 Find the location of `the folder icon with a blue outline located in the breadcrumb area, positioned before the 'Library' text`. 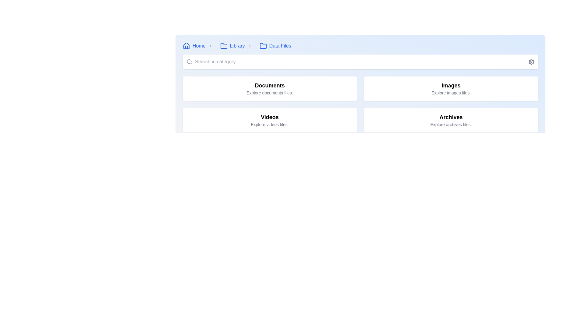

the folder icon with a blue outline located in the breadcrumb area, positioned before the 'Library' text is located at coordinates (223, 45).